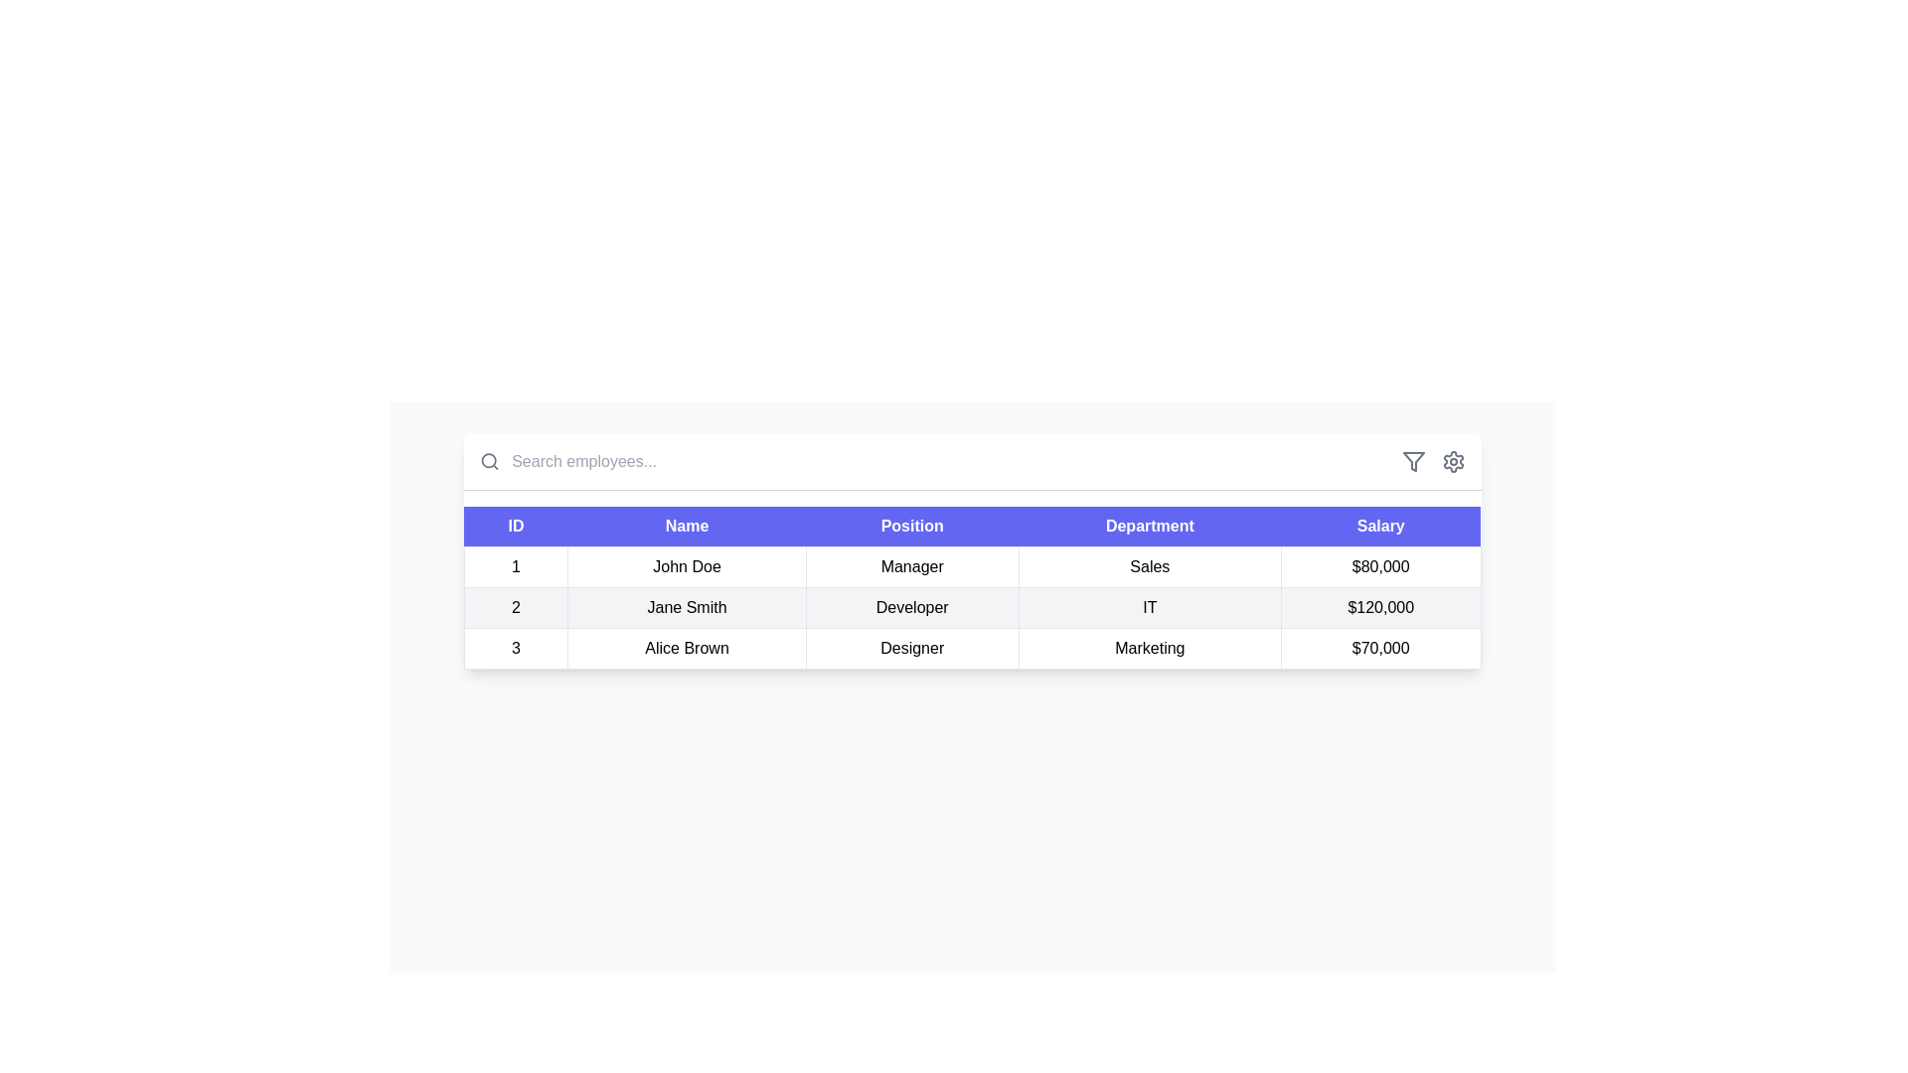 This screenshot has width=1908, height=1073. What do you see at coordinates (687, 526) in the screenshot?
I see `the second column header cell in the data table indicating 'Name', located between 'ID' and 'Position'` at bounding box center [687, 526].